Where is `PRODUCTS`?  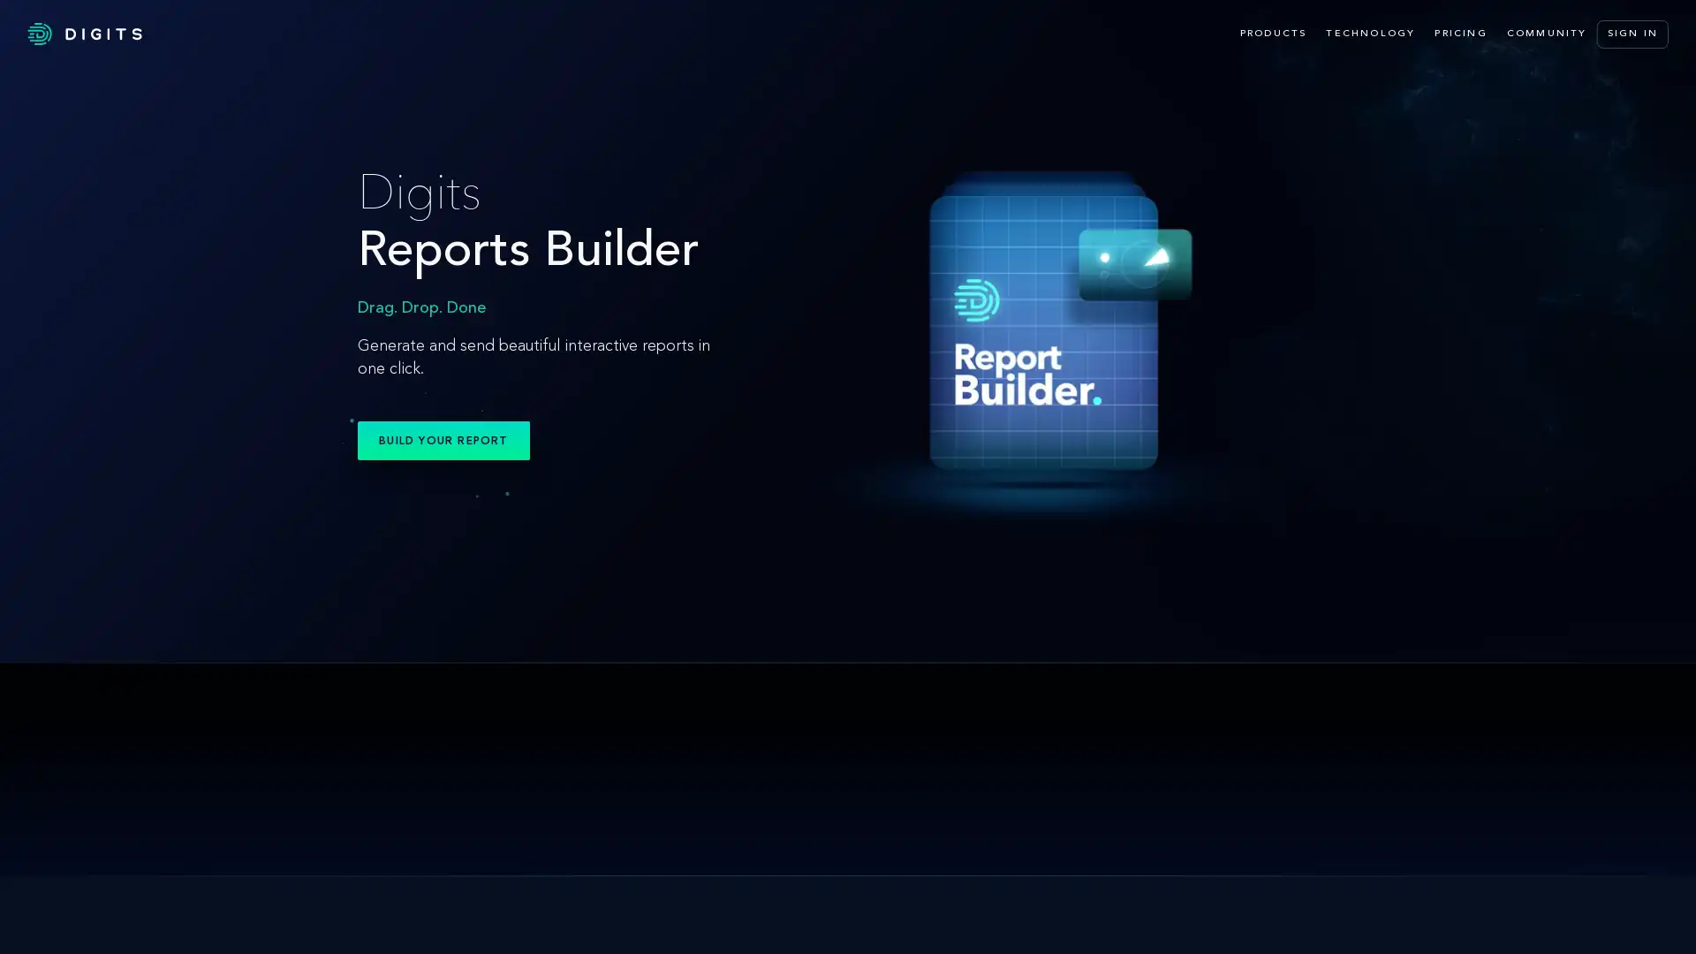 PRODUCTS is located at coordinates (1272, 34).